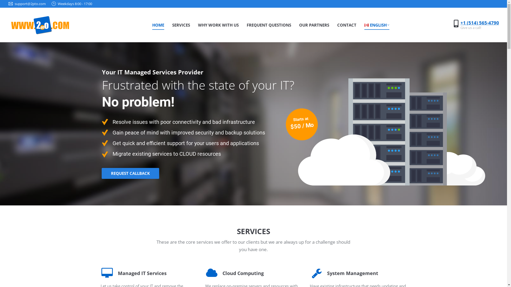 This screenshot has width=511, height=287. Describe the element at coordinates (269, 25) in the screenshot. I see `'FREQUENT QUESTIONS'` at that location.